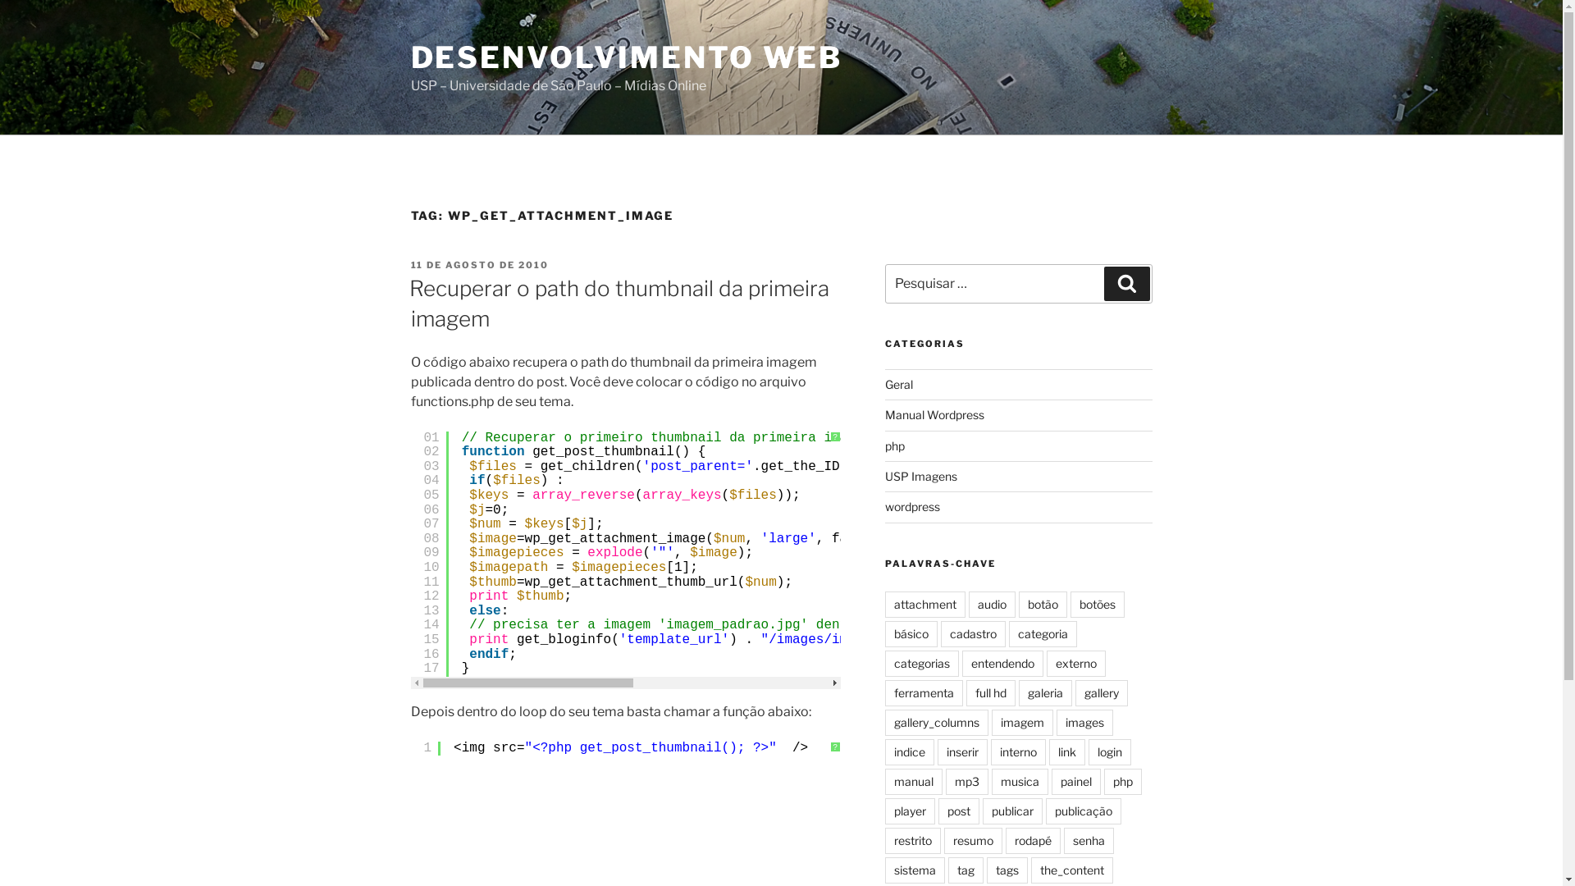  Describe the element at coordinates (962, 752) in the screenshot. I see `'inserir'` at that location.